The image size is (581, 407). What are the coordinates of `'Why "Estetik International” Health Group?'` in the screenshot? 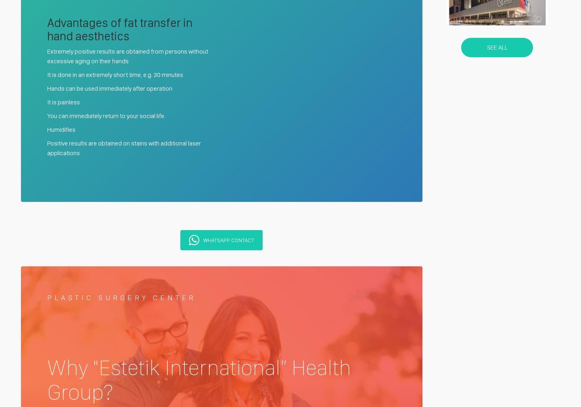 It's located at (199, 379).